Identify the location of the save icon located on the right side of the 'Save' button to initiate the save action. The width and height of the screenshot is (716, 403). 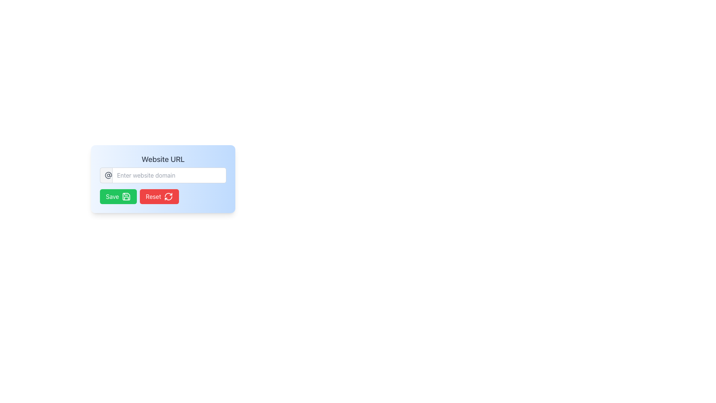
(126, 196).